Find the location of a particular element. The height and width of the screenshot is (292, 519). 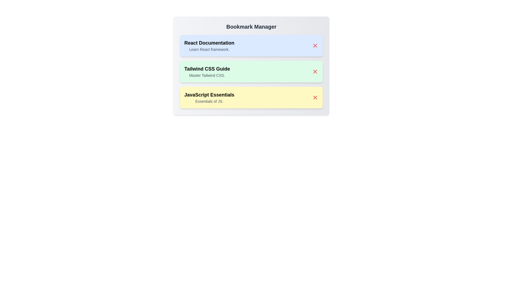

close button next to the bookmark titled Tailwind CSS Guide to remove it is located at coordinates (315, 71).